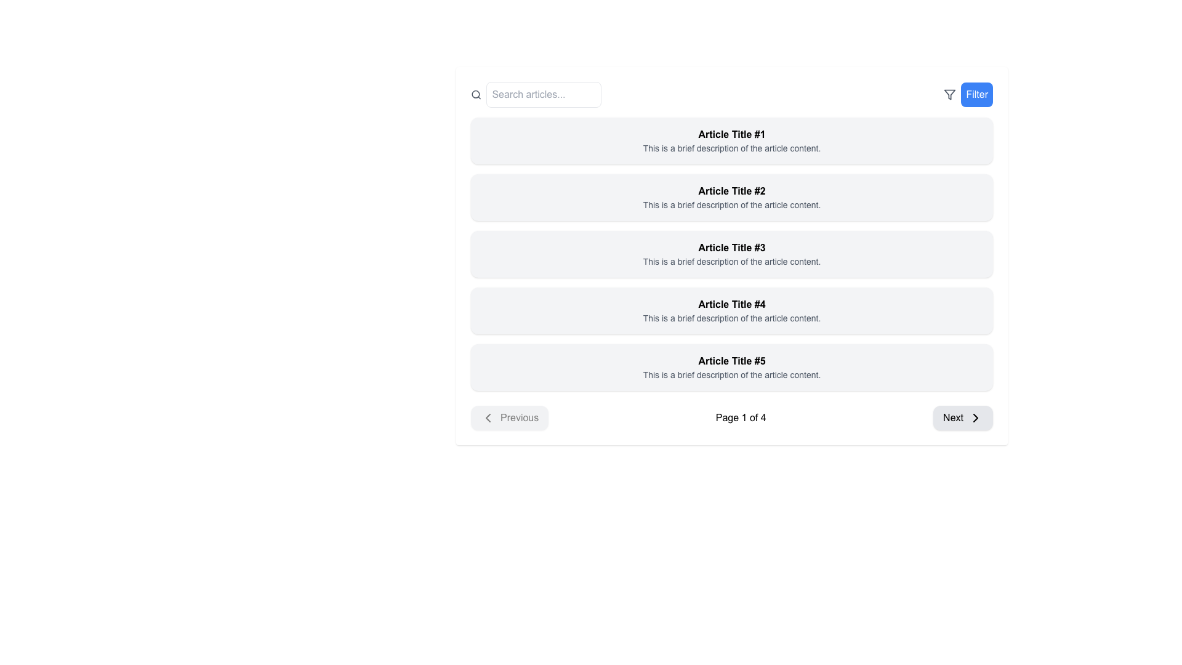 The image size is (1182, 665). I want to click on text content displayed in a smaller font size and gray color, which states 'This is a brief description of the article content.' It is located directly below the bold title 'Article Title #5' in the fifth article card layout, so click(732, 374).